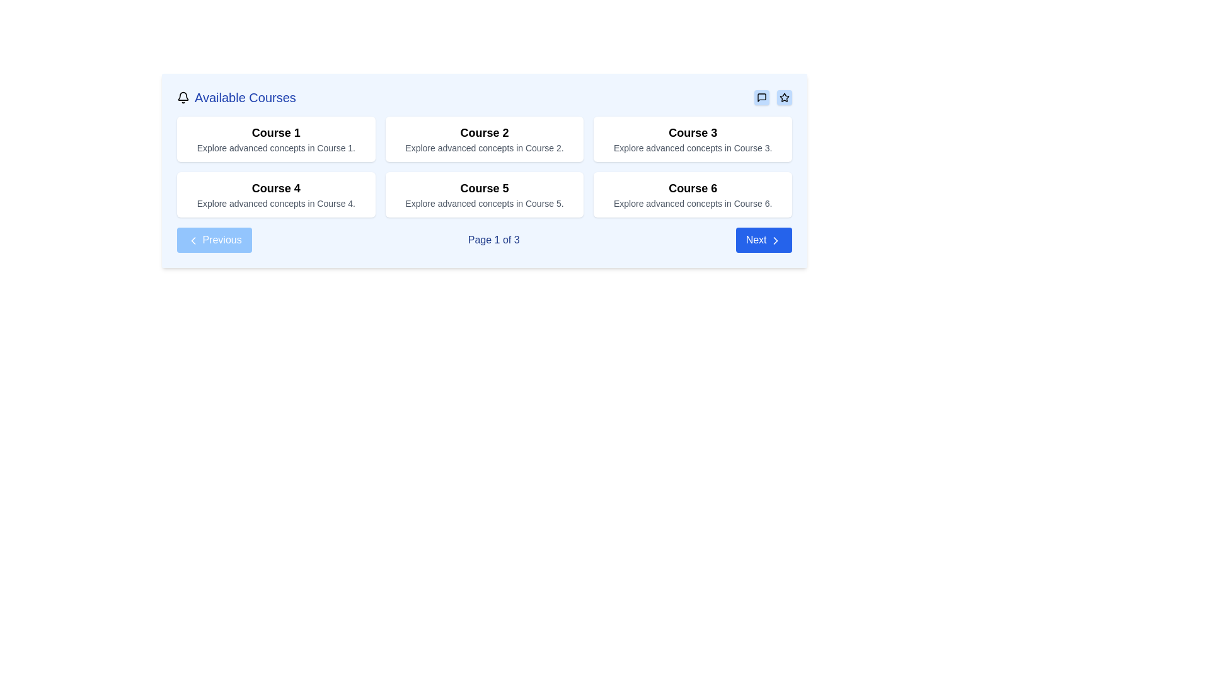 The image size is (1210, 681). What do you see at coordinates (275, 203) in the screenshot?
I see `the text label that reads 'Explore advanced concepts in Course 4', which is styled in light gray and located under the 'Course 4' label within the 'Available Courses' section` at bounding box center [275, 203].